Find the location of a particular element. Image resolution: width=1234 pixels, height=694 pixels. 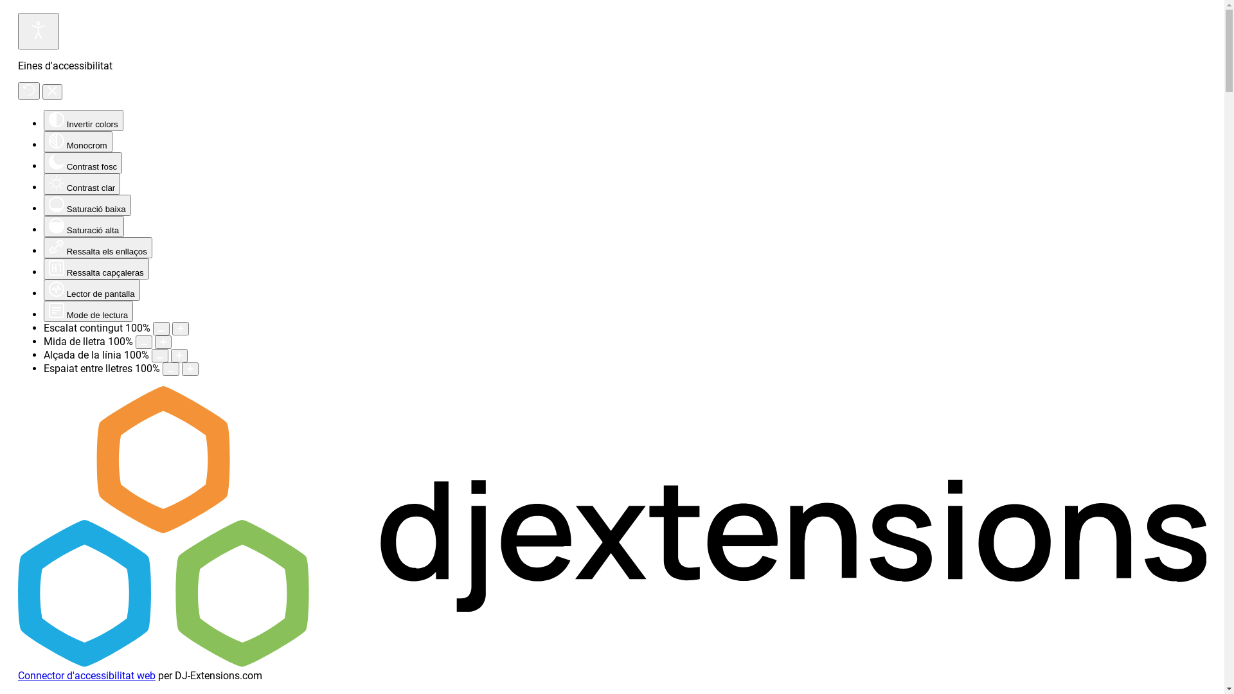

'Contrast clar' is located at coordinates (43, 184).